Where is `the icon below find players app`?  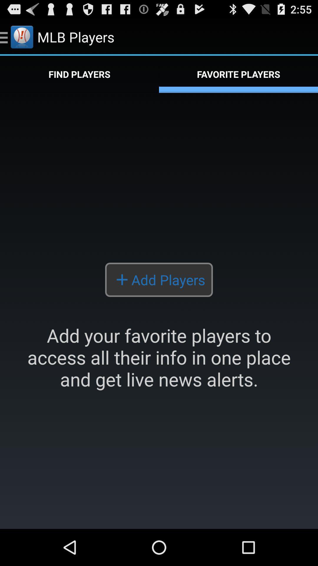 the icon below find players app is located at coordinates (159, 310).